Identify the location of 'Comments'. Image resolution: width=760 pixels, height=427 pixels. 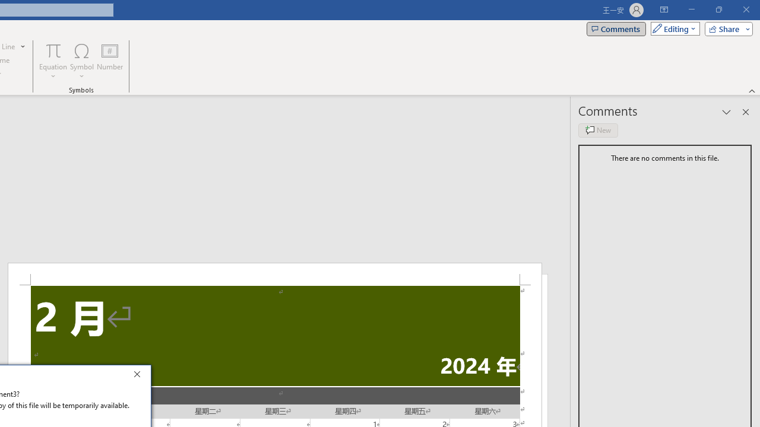
(616, 28).